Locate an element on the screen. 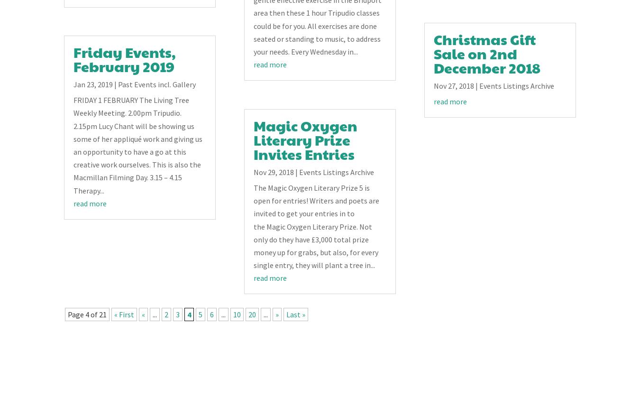 The height and width of the screenshot is (416, 640). '10' is located at coordinates (232, 314).